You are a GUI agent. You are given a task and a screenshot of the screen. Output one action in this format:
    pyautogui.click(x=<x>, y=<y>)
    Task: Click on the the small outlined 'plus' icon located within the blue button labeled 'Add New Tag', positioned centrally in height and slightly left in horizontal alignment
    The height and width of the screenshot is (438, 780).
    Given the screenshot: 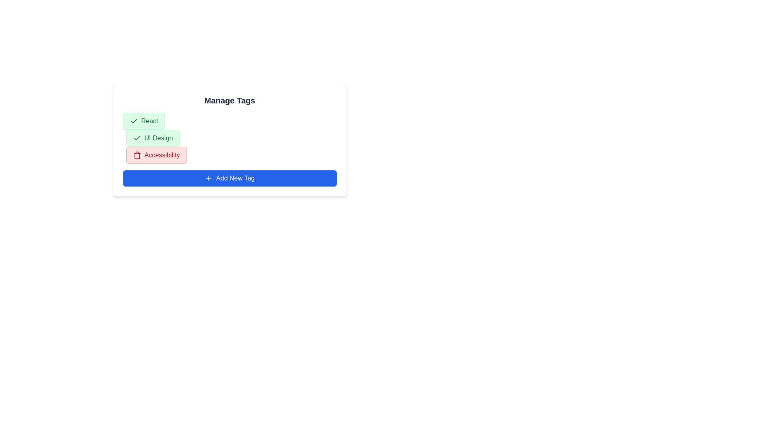 What is the action you would take?
    pyautogui.click(x=208, y=178)
    